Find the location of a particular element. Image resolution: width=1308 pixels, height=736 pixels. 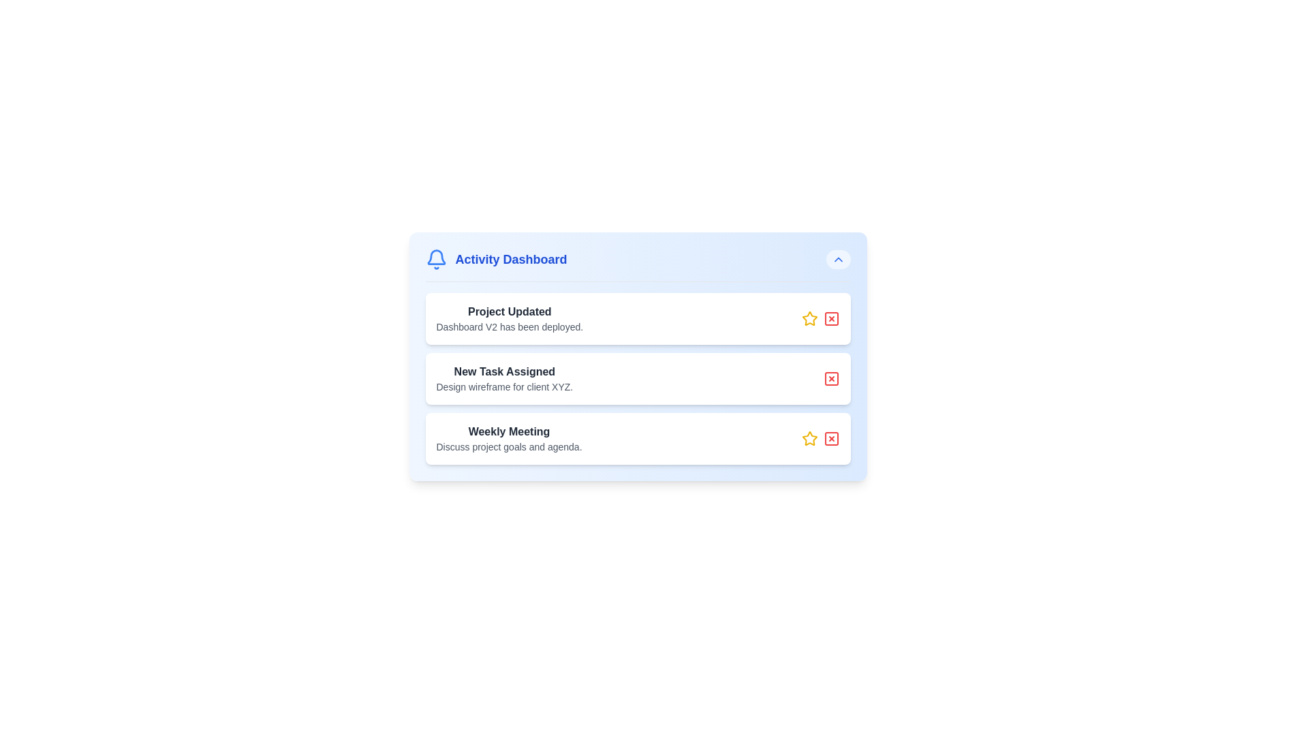

the icon group containing a yellow star and a red close button next to the message 'Project Updated Dashboard V2 has been deployed' is located at coordinates (820, 318).